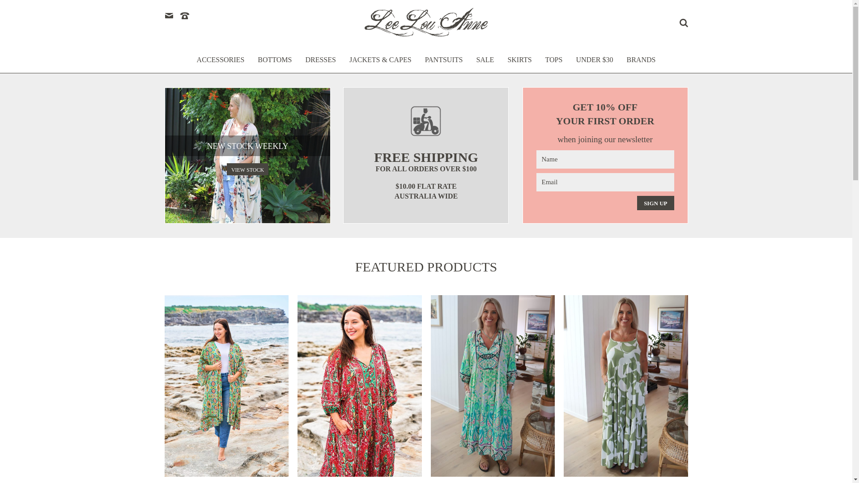  I want to click on 'NEW STOCK WEEKLY, so click(247, 155).